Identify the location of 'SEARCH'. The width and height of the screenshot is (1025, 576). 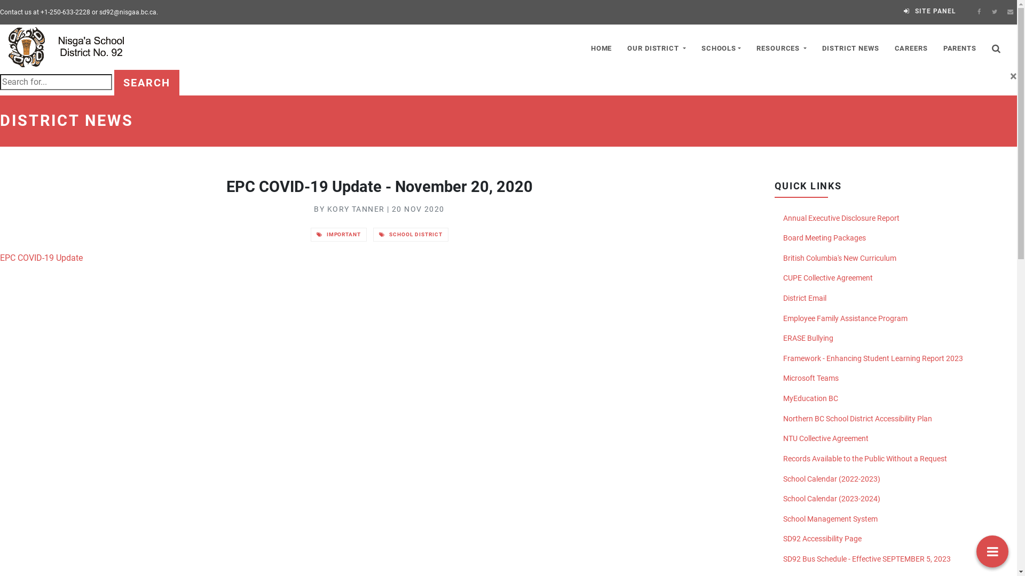
(146, 82).